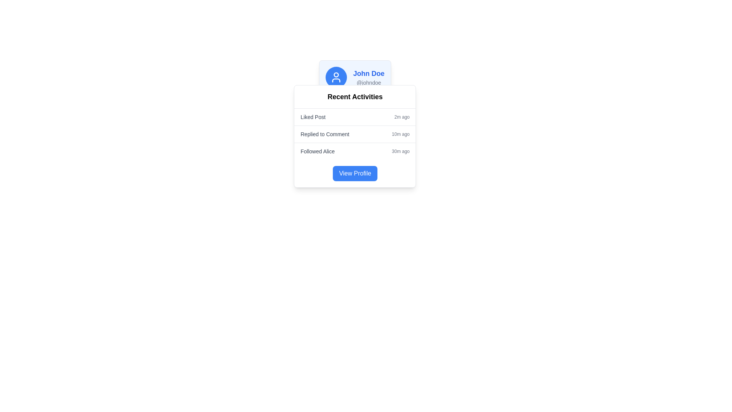  I want to click on the button at the bottom of the 'Recent Activities' card, so click(355, 174).